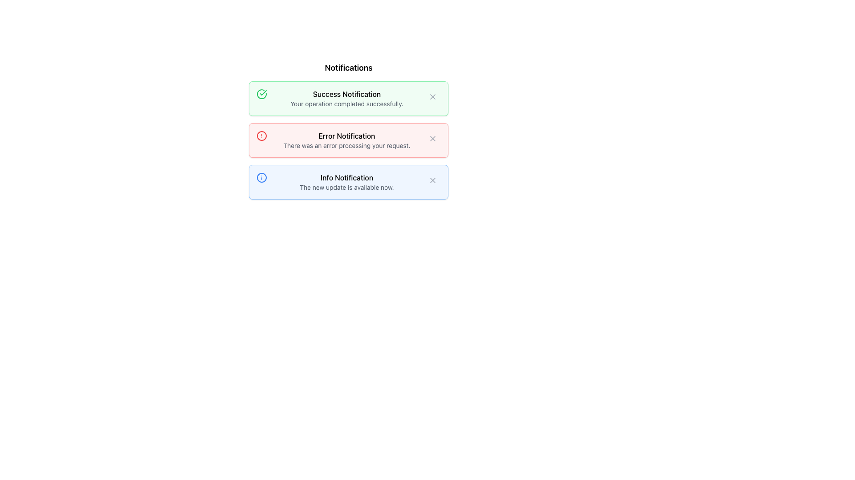 Image resolution: width=855 pixels, height=480 pixels. What do you see at coordinates (261, 178) in the screenshot?
I see `the information message icon located at the far left of the 'Info Notification' box in the third row of the notification list` at bounding box center [261, 178].